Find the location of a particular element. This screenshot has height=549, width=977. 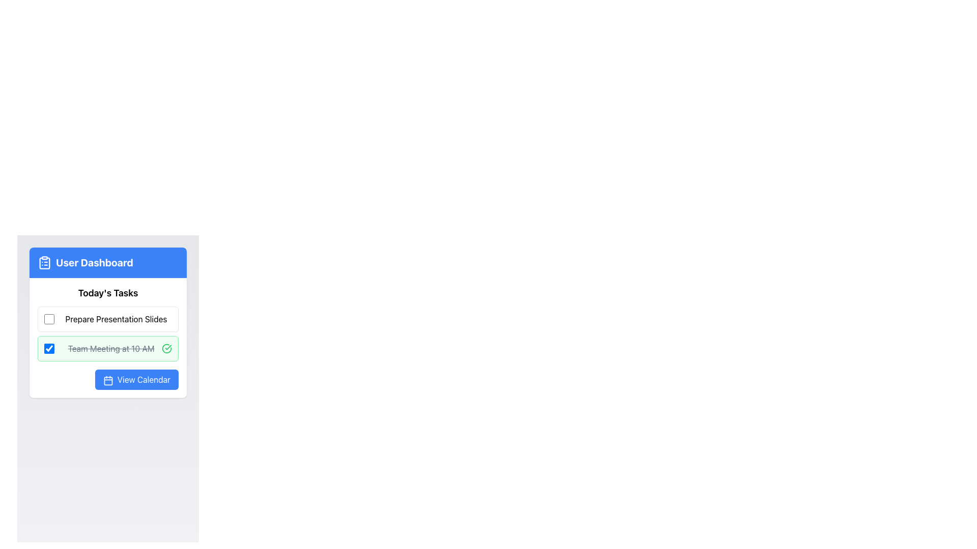

the checkbox labeled 'Prepare Presentation Slides' is located at coordinates (48, 319).